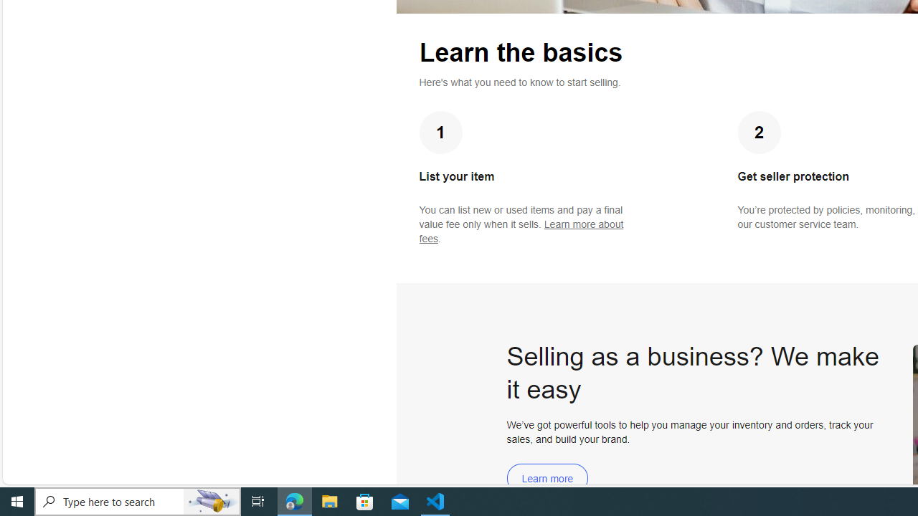  I want to click on 'Learn more about fees - opens in new window or tab.', so click(521, 231).